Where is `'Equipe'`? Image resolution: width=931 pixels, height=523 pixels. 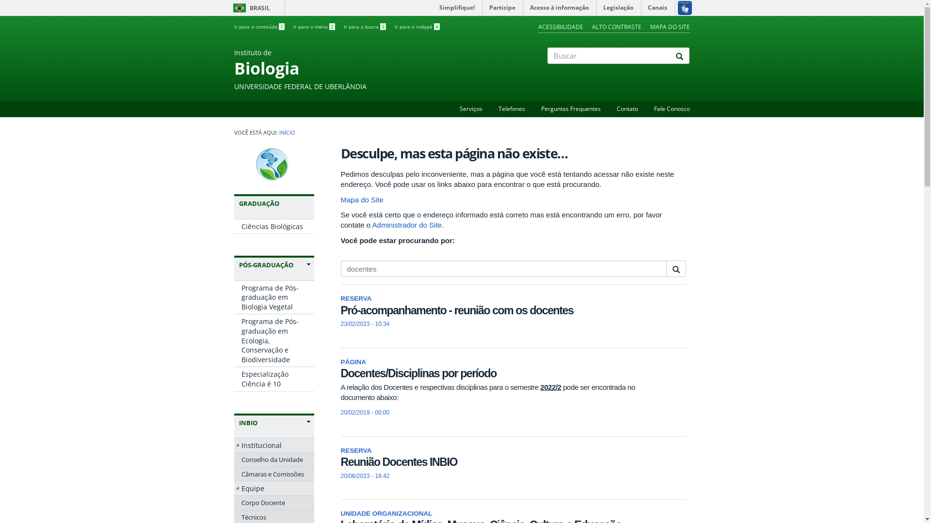
'Equipe' is located at coordinates (273, 489).